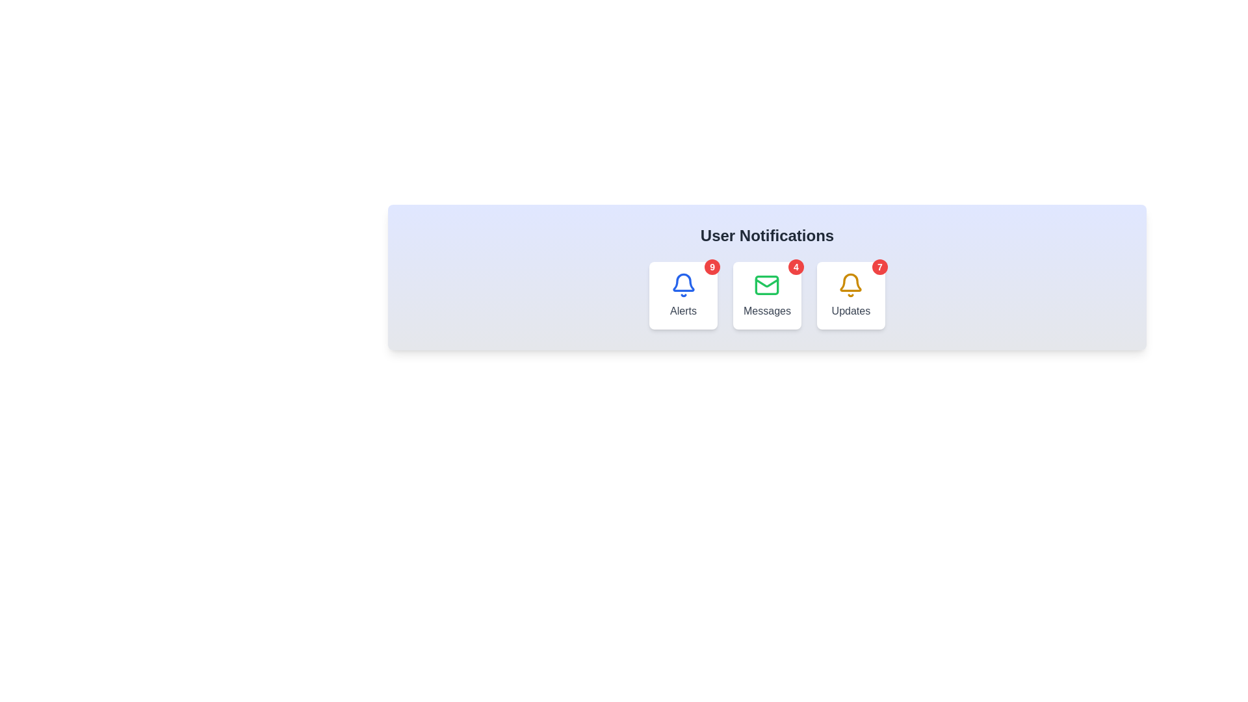 This screenshot has width=1248, height=702. I want to click on the information of the blue bell icon located at the top of the 'Alerts' notification card, so click(682, 285).